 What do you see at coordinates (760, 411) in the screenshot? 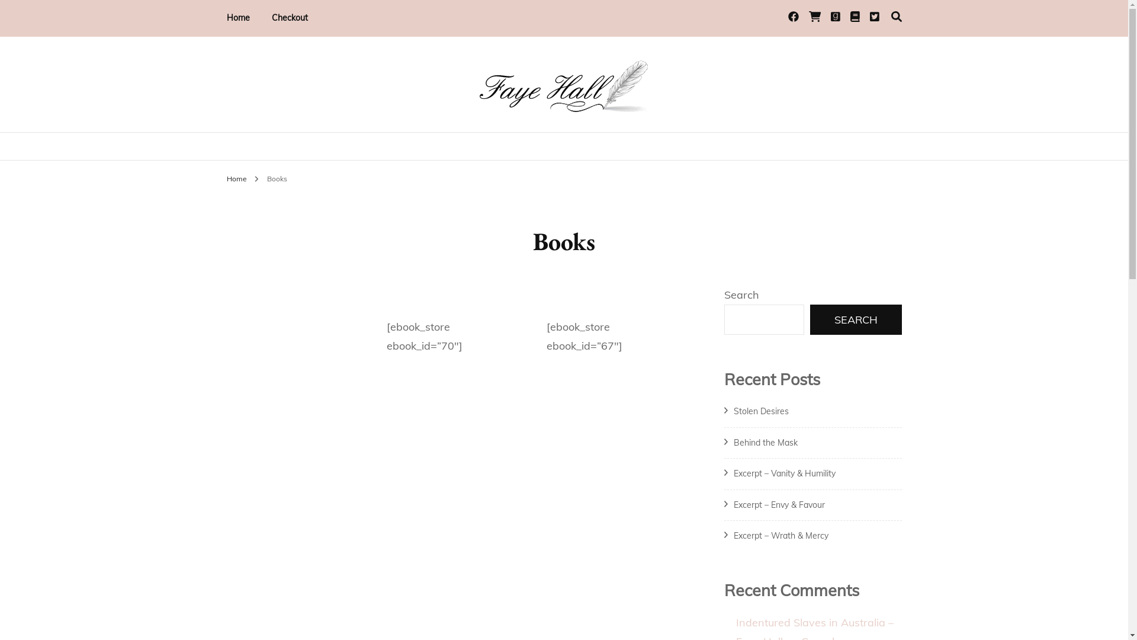
I see `'Stolen Desires'` at bounding box center [760, 411].